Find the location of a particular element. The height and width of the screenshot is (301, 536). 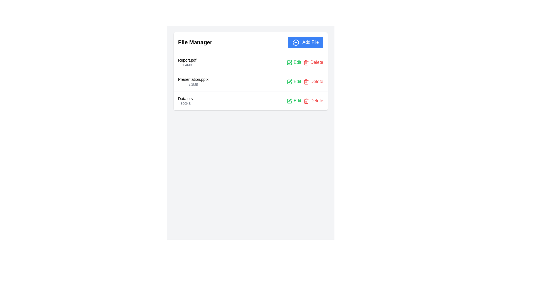

the circular '+' icon with a blue border and white background located in the top-right of the interface, adjacent to the 'File Manager' heading is located at coordinates (295, 42).